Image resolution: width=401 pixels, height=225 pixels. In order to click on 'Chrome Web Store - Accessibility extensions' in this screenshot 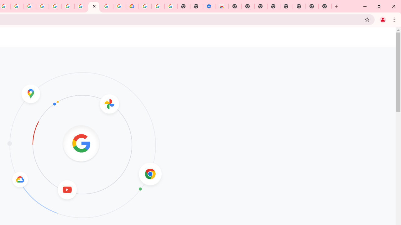, I will do `click(222, 6)`.